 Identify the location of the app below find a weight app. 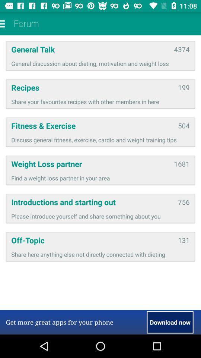
(92, 202).